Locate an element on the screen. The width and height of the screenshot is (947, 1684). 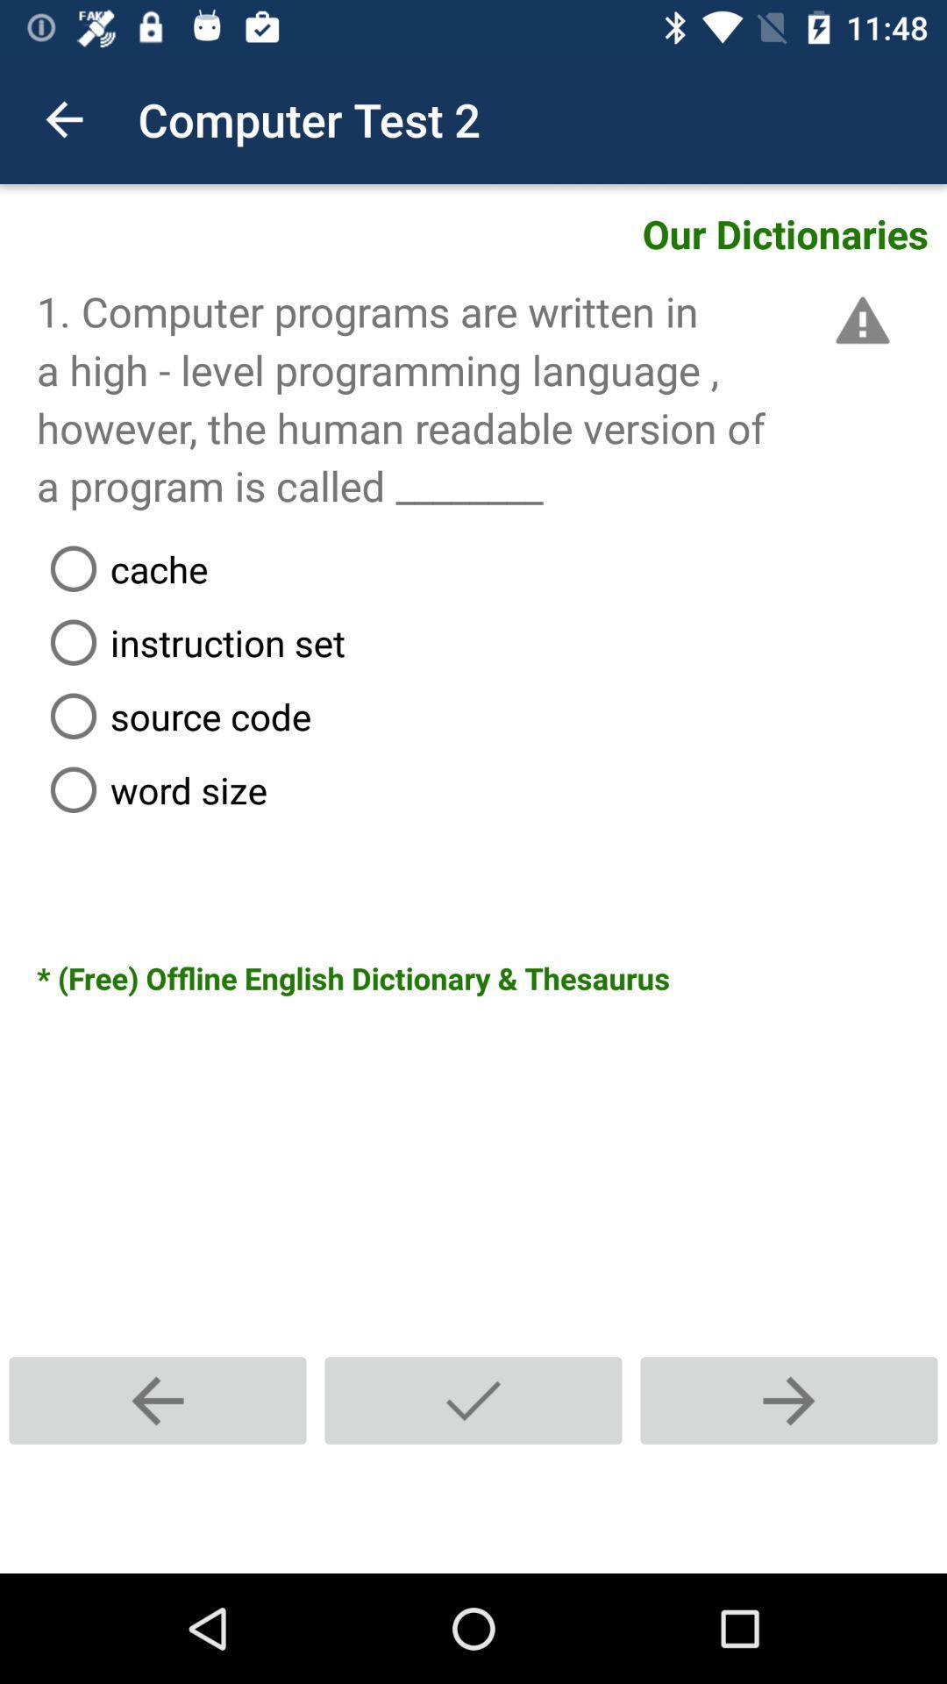
the warning icon is located at coordinates (858, 320).